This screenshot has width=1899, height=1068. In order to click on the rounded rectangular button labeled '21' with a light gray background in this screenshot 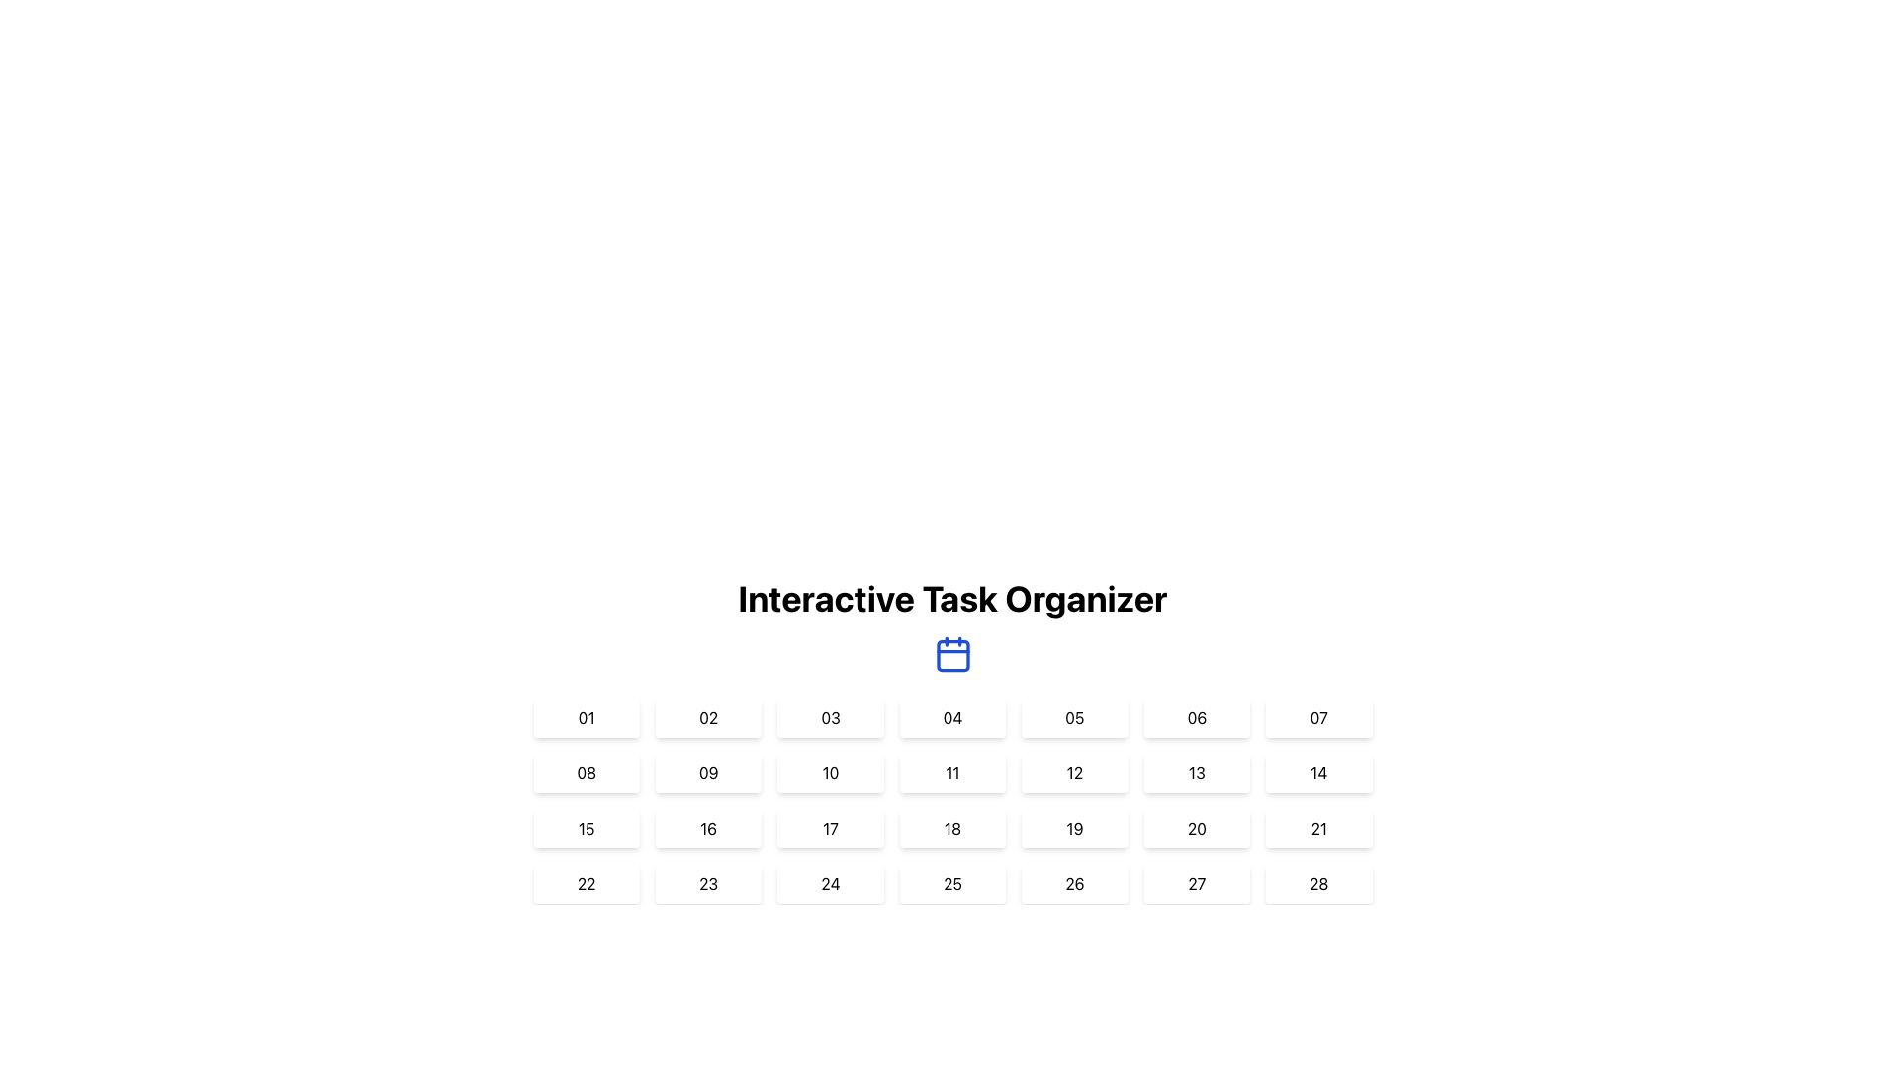, I will do `click(1318, 828)`.